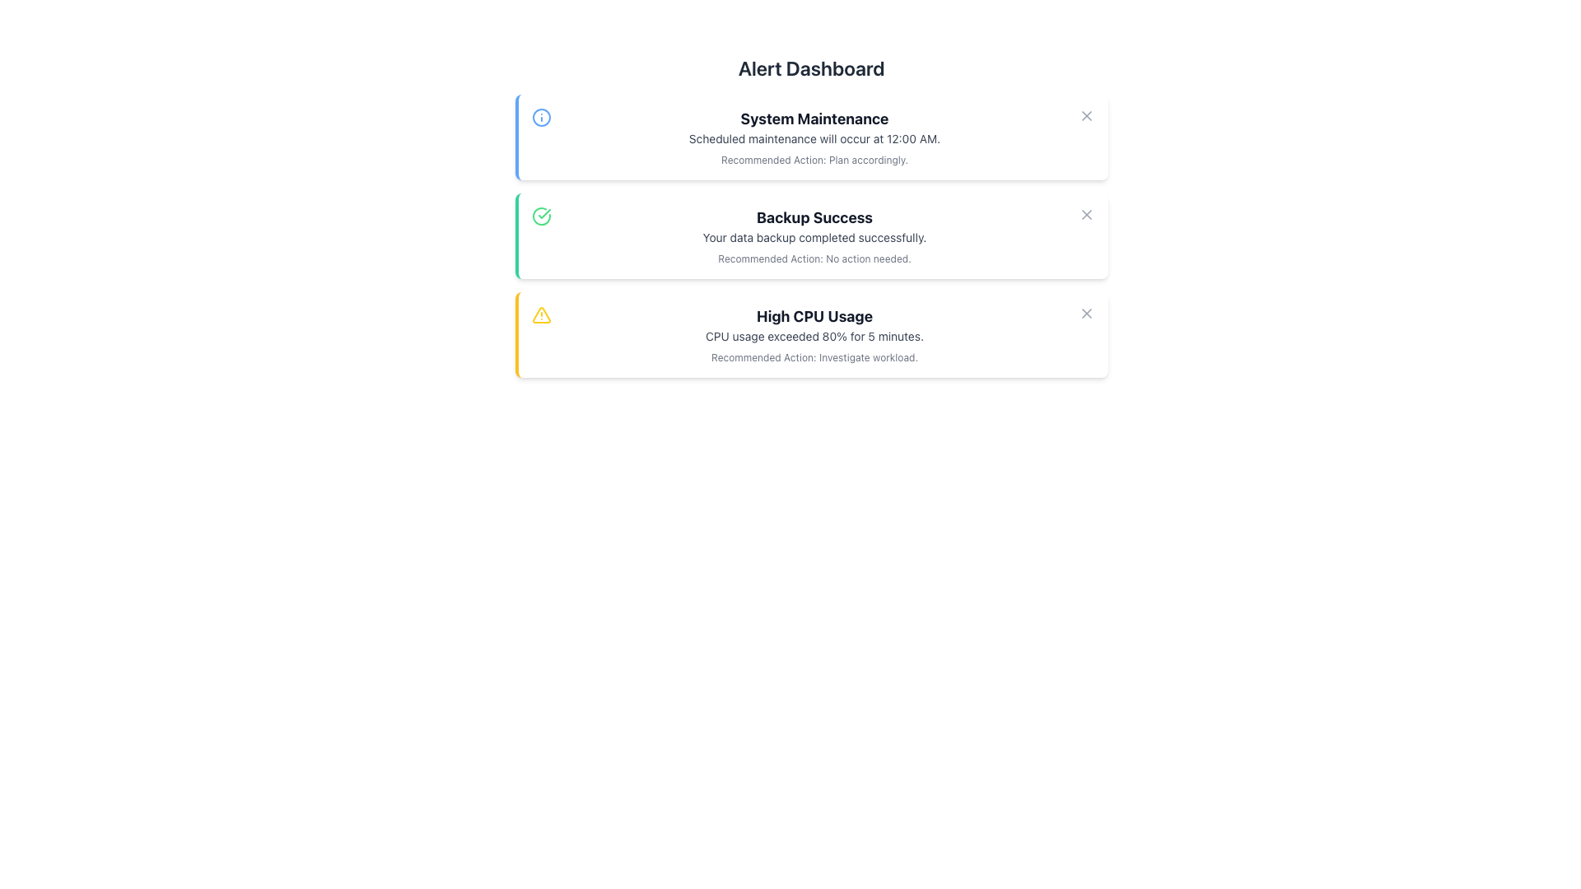 Image resolution: width=1581 pixels, height=889 pixels. What do you see at coordinates (814, 259) in the screenshot?
I see `text from the Text Label indicating that no further action is required, located at the bottom of the 'Backup Success' card in the Alert Dashboard` at bounding box center [814, 259].